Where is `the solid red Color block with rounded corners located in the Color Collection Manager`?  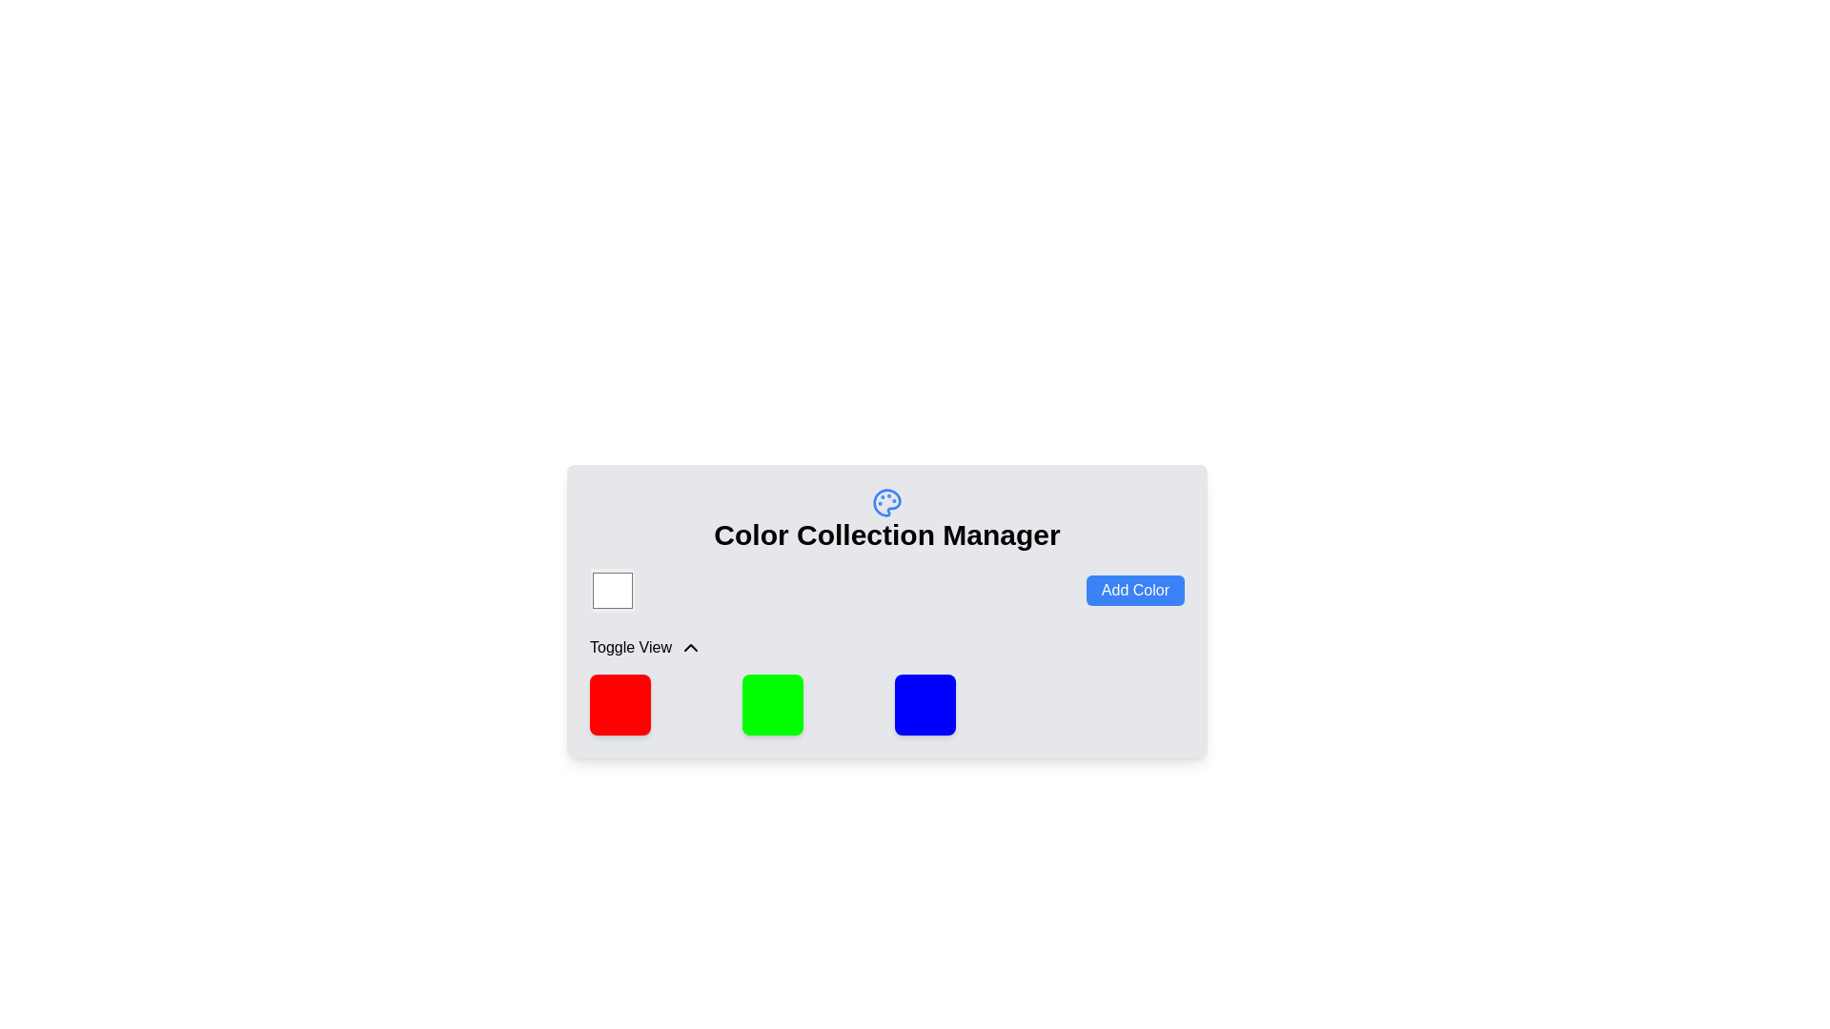
the solid red Color block with rounded corners located in the Color Collection Manager is located at coordinates (620, 705).